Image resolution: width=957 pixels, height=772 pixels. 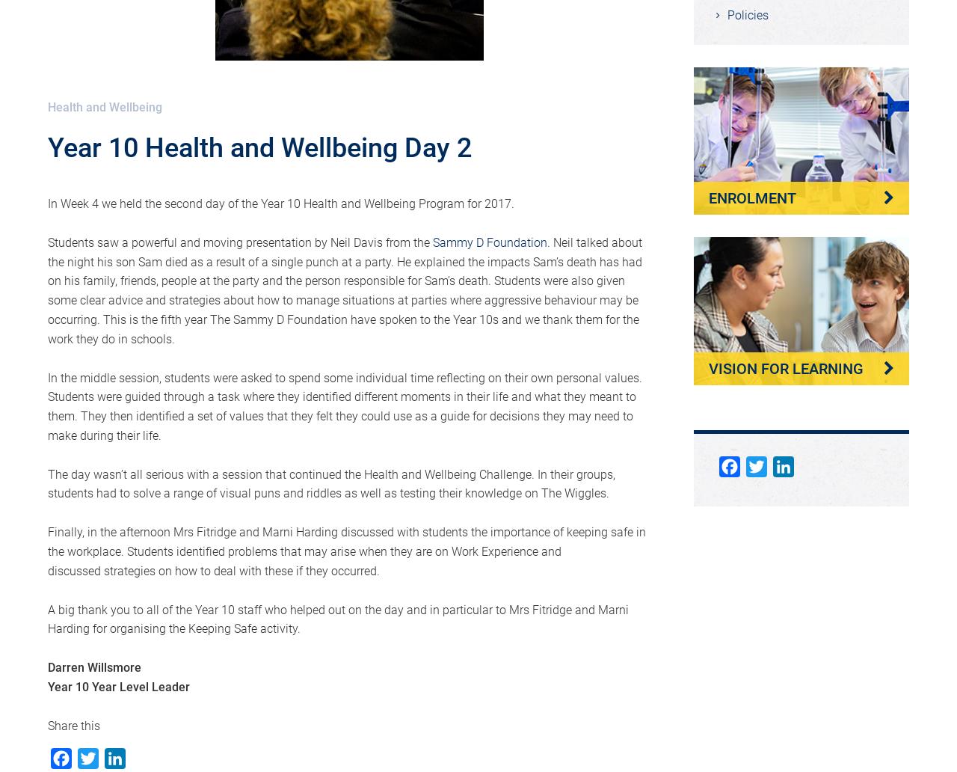 I want to click on 'Vision for Learning', so click(x=785, y=367).